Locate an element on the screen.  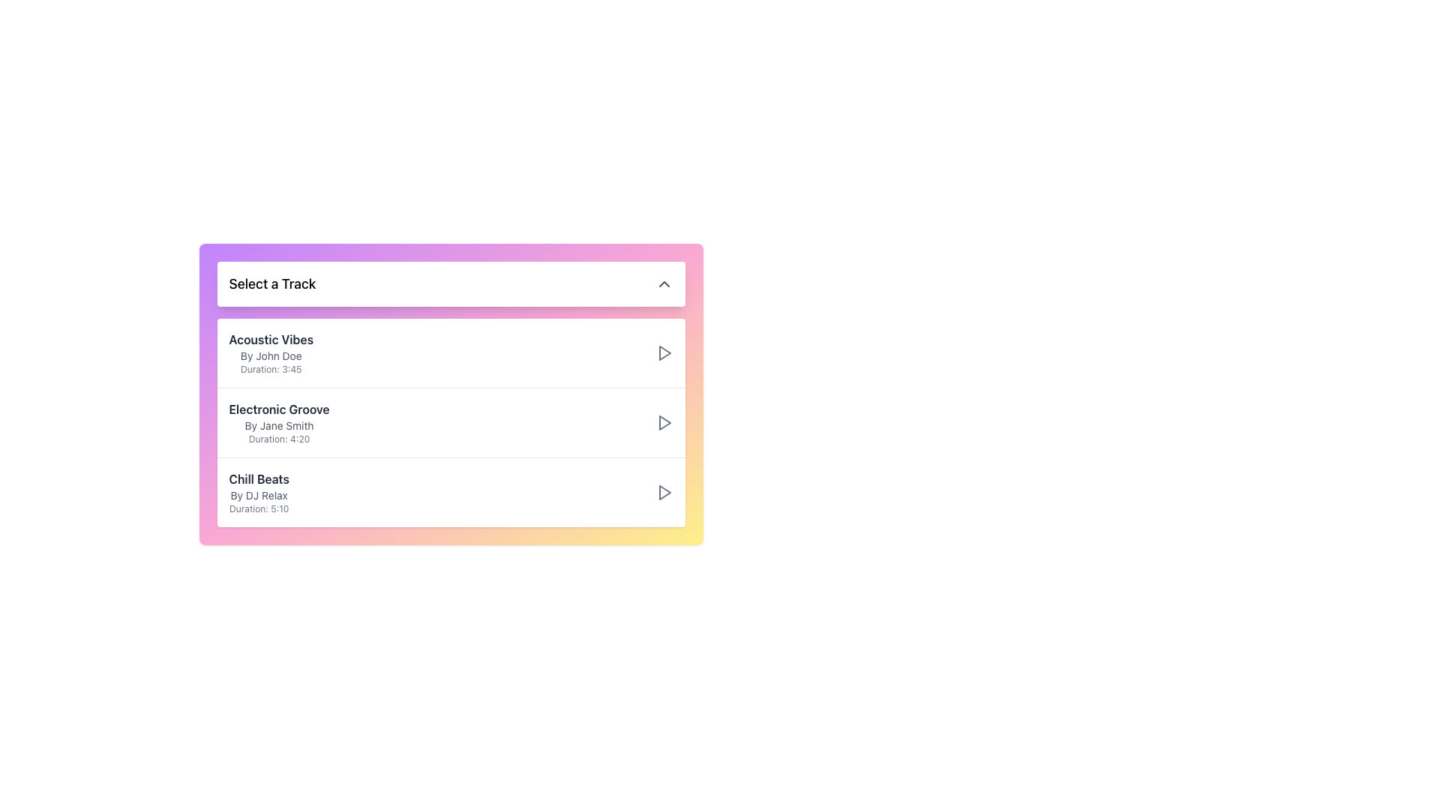
a track within the music track listing component that features a gradient background and the title 'Select a Track' is located at coordinates (450, 393).